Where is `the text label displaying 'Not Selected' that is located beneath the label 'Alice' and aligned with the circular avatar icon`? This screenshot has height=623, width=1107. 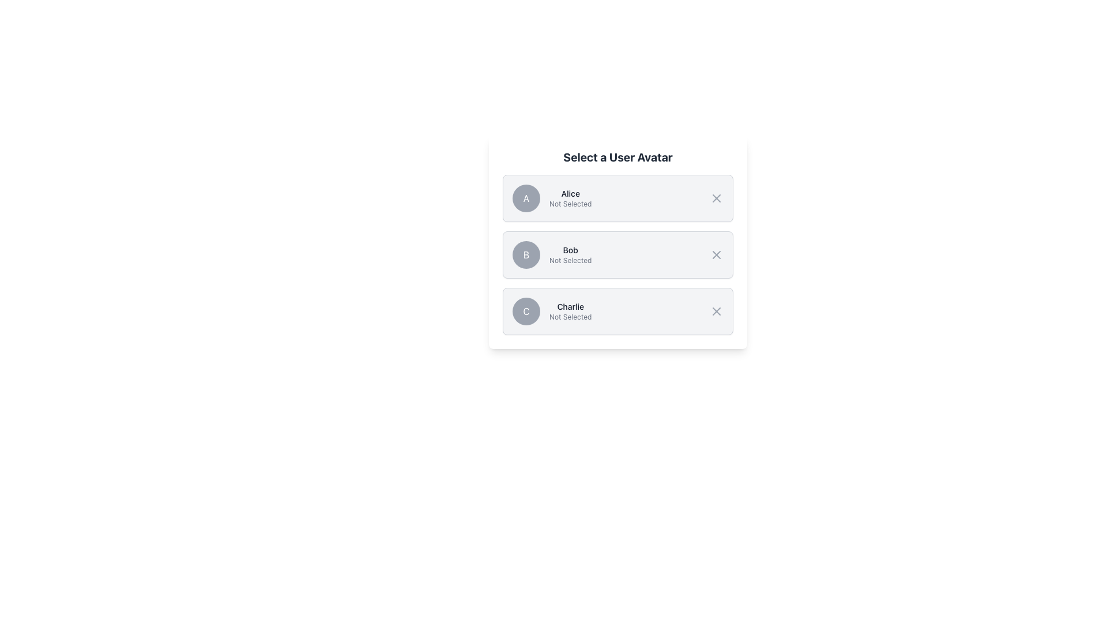
the text label displaying 'Not Selected' that is located beneath the label 'Alice' and aligned with the circular avatar icon is located at coordinates (570, 204).